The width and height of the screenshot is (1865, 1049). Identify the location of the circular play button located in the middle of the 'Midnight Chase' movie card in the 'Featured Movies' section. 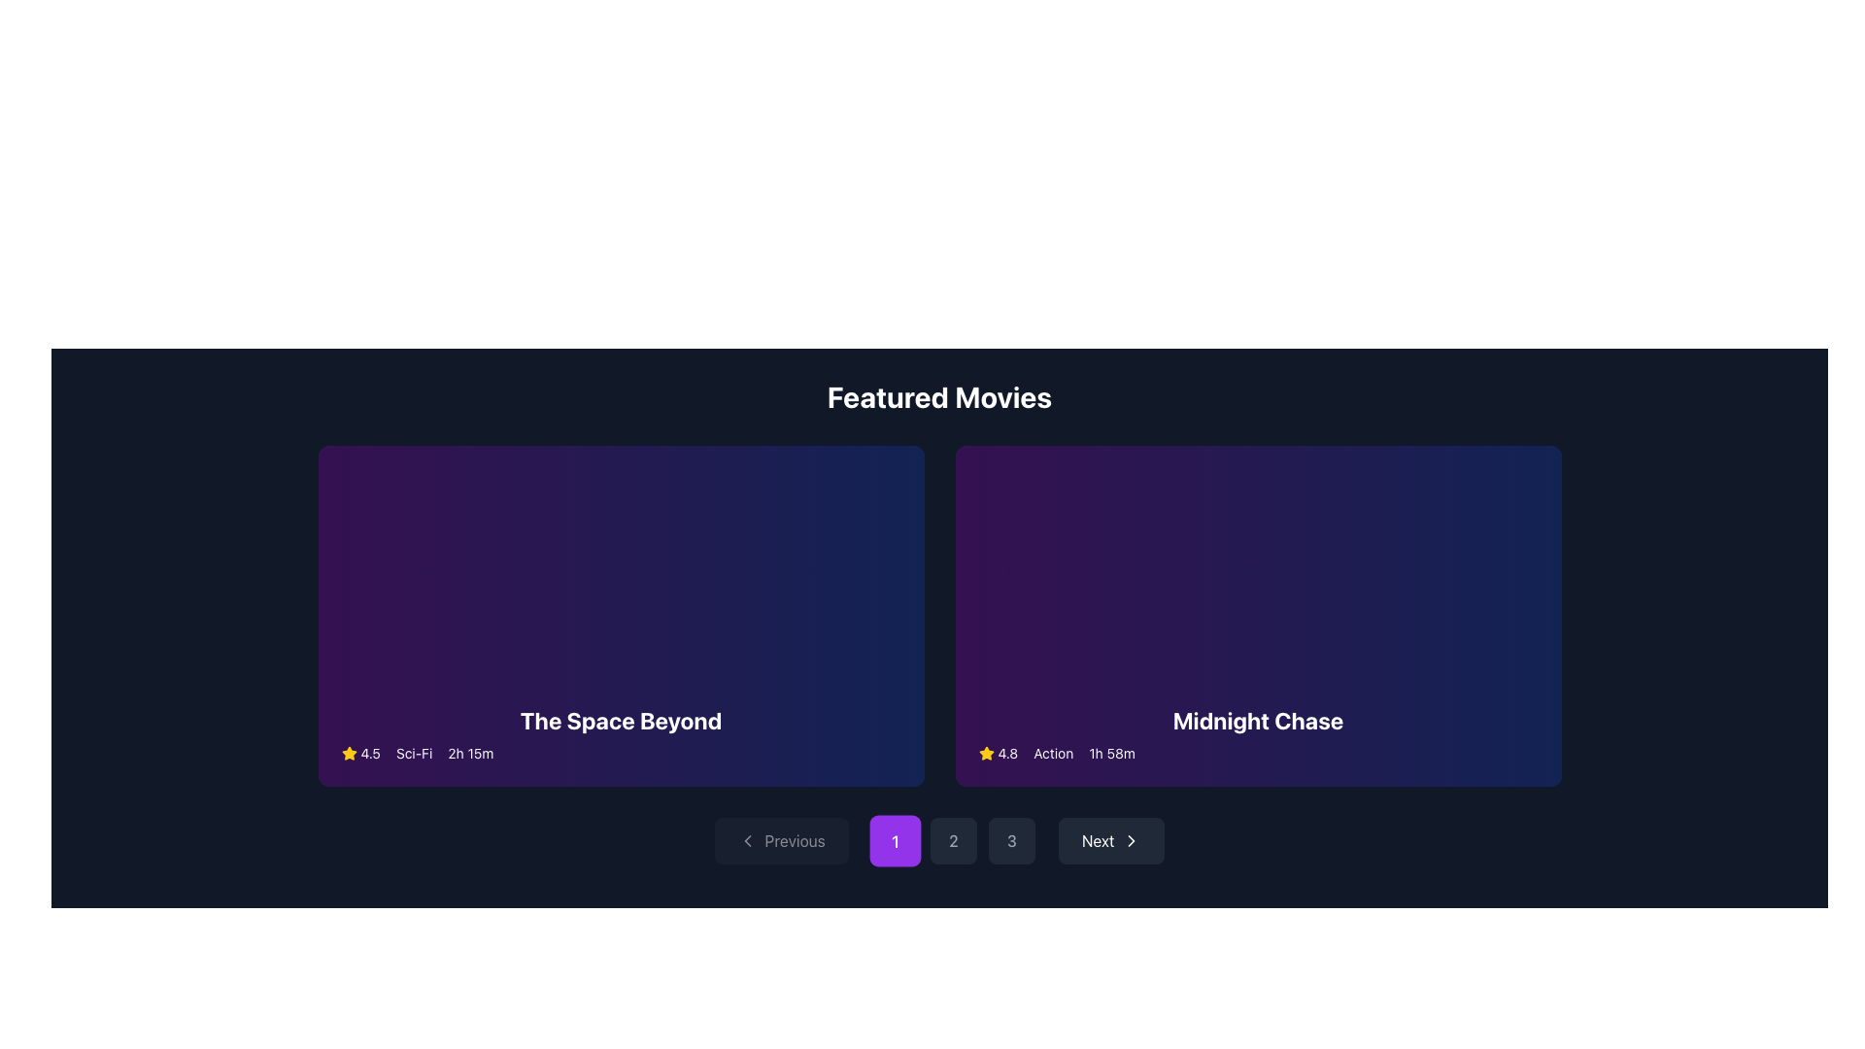
(1187, 616).